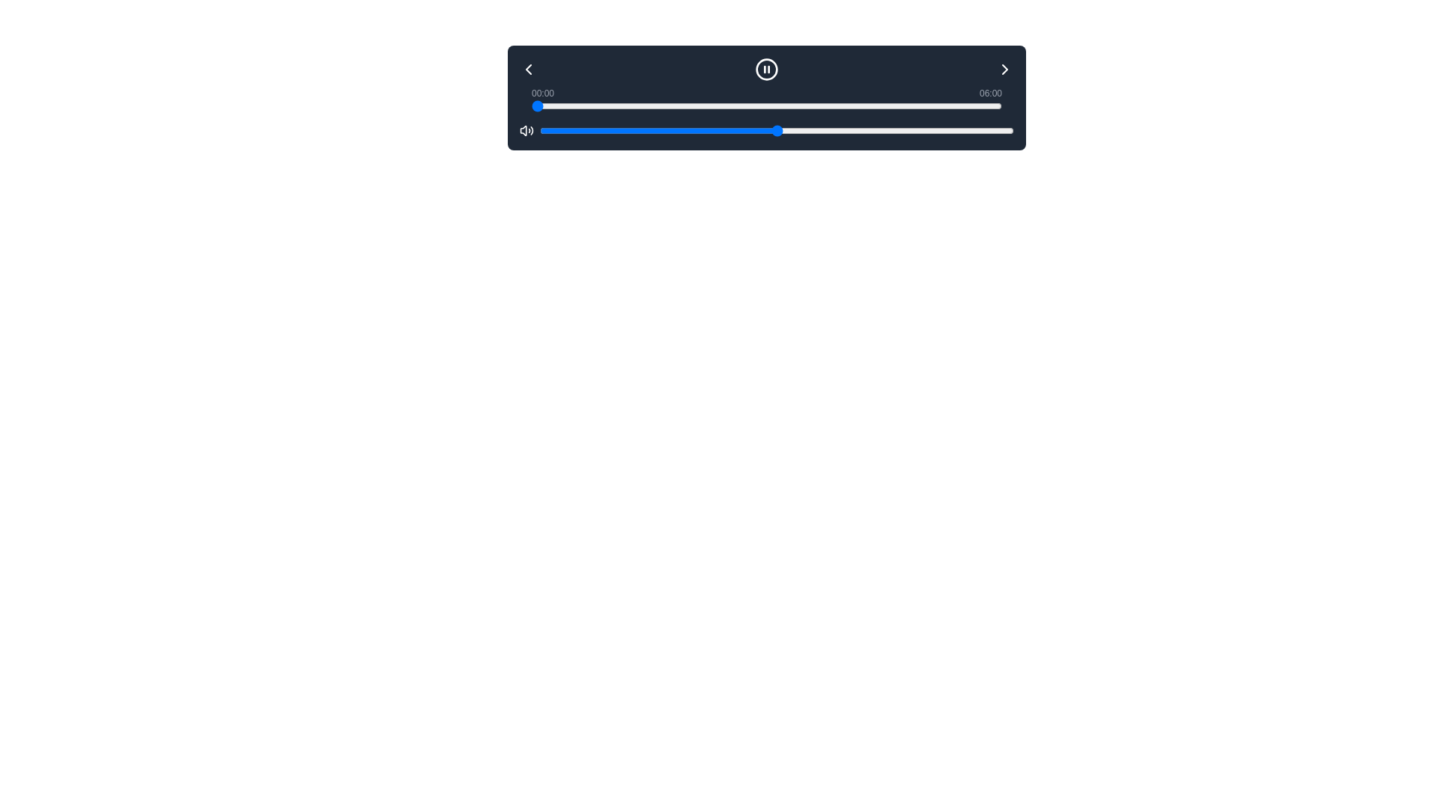 Image resolution: width=1438 pixels, height=808 pixels. What do you see at coordinates (532, 129) in the screenshot?
I see `the outermost arc of sound waves in the volume icon located near the bottom left corner of the control panel interface` at bounding box center [532, 129].